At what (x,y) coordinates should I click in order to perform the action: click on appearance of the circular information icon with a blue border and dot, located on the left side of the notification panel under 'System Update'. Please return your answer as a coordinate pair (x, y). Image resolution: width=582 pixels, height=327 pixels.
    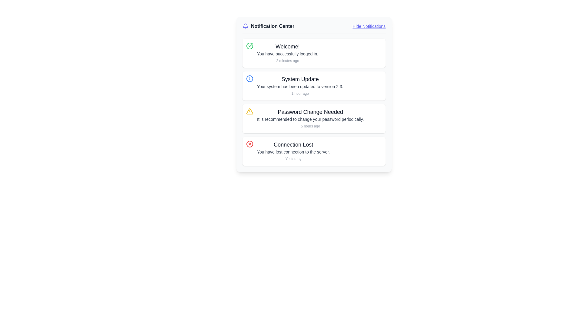
    Looking at the image, I should click on (250, 78).